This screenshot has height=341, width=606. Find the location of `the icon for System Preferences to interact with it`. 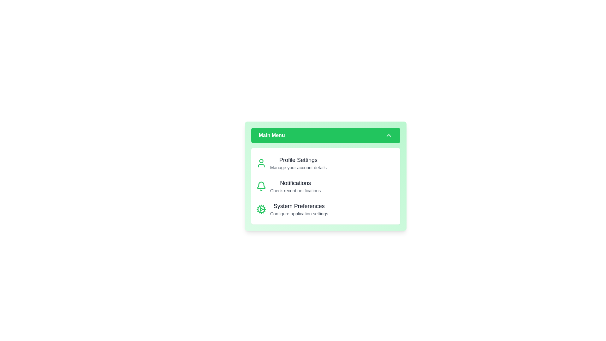

the icon for System Preferences to interact with it is located at coordinates (261, 209).